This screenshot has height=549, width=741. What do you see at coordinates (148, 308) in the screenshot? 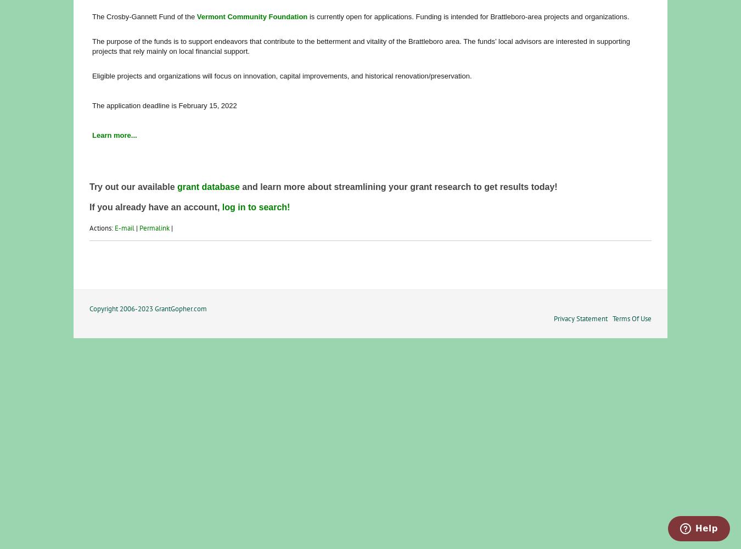
I see `'Copyright 2006-2023 GrantGopher.com'` at bounding box center [148, 308].